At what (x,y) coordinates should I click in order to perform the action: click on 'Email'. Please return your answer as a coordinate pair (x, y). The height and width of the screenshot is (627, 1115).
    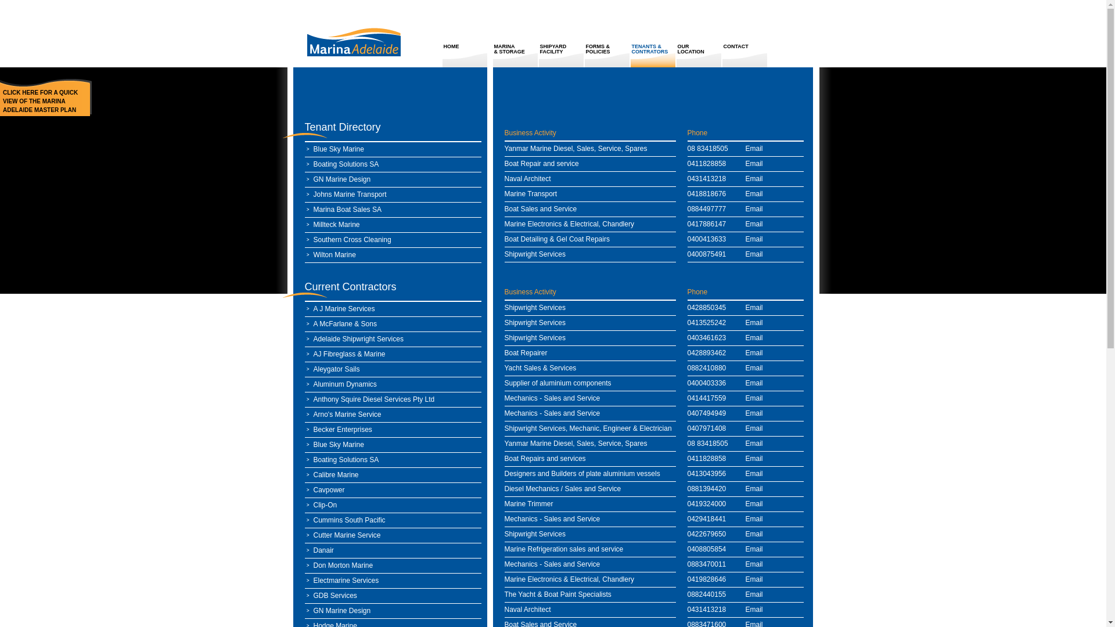
    Looking at the image, I should click on (745, 254).